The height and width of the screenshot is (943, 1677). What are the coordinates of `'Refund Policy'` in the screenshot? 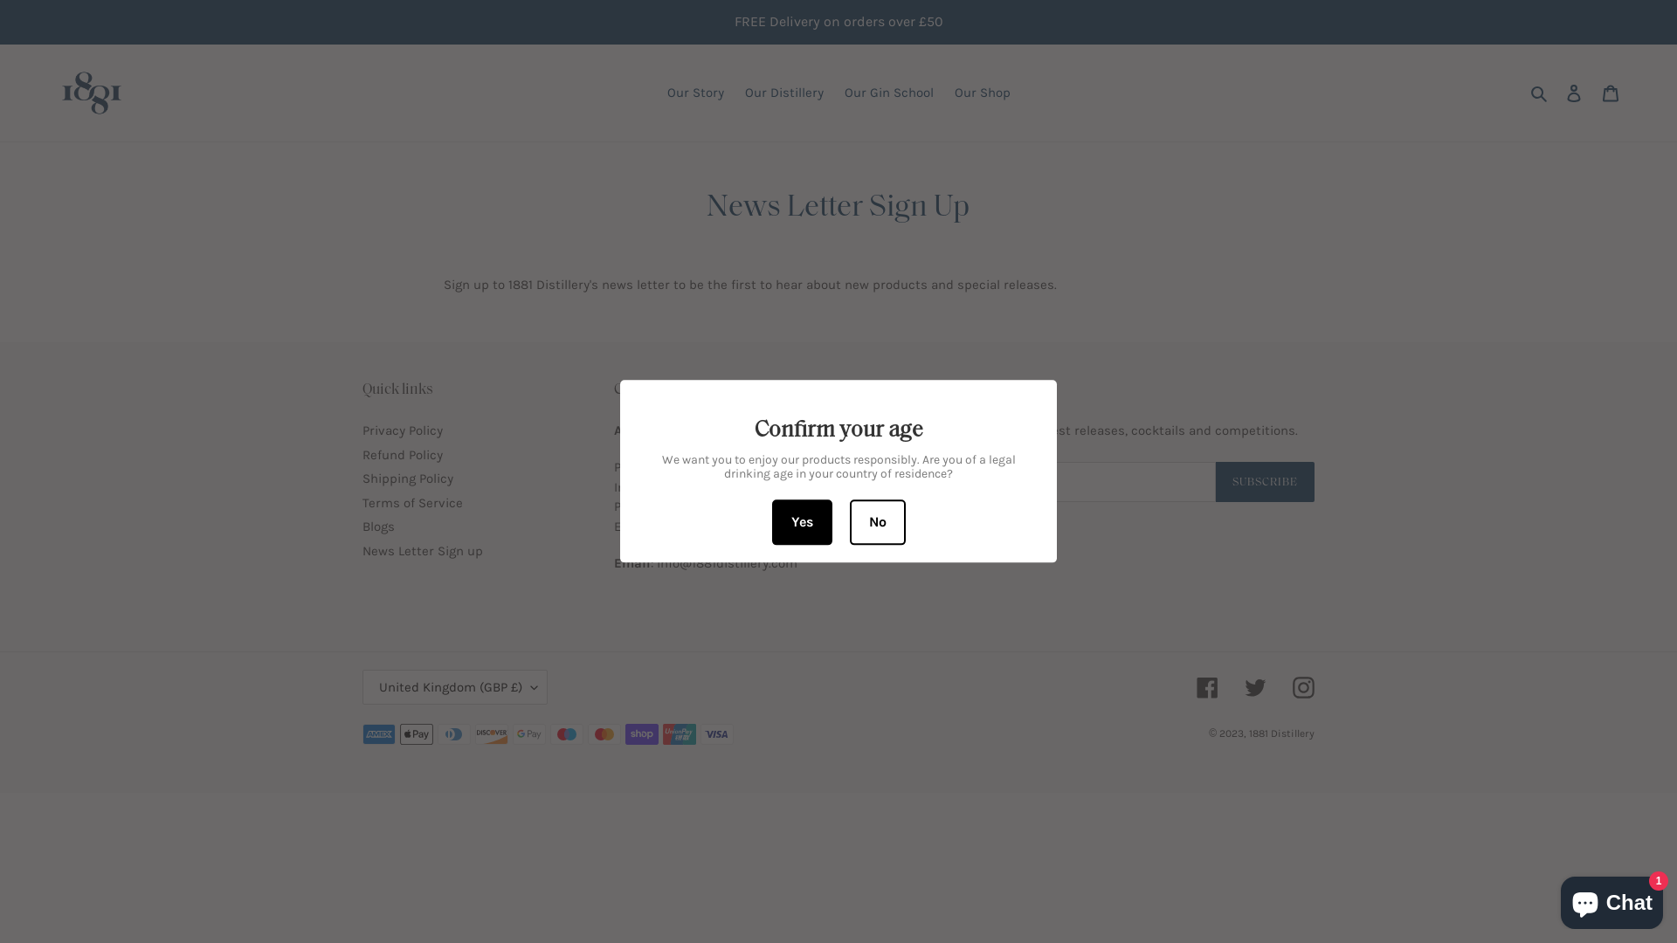 It's located at (401, 453).